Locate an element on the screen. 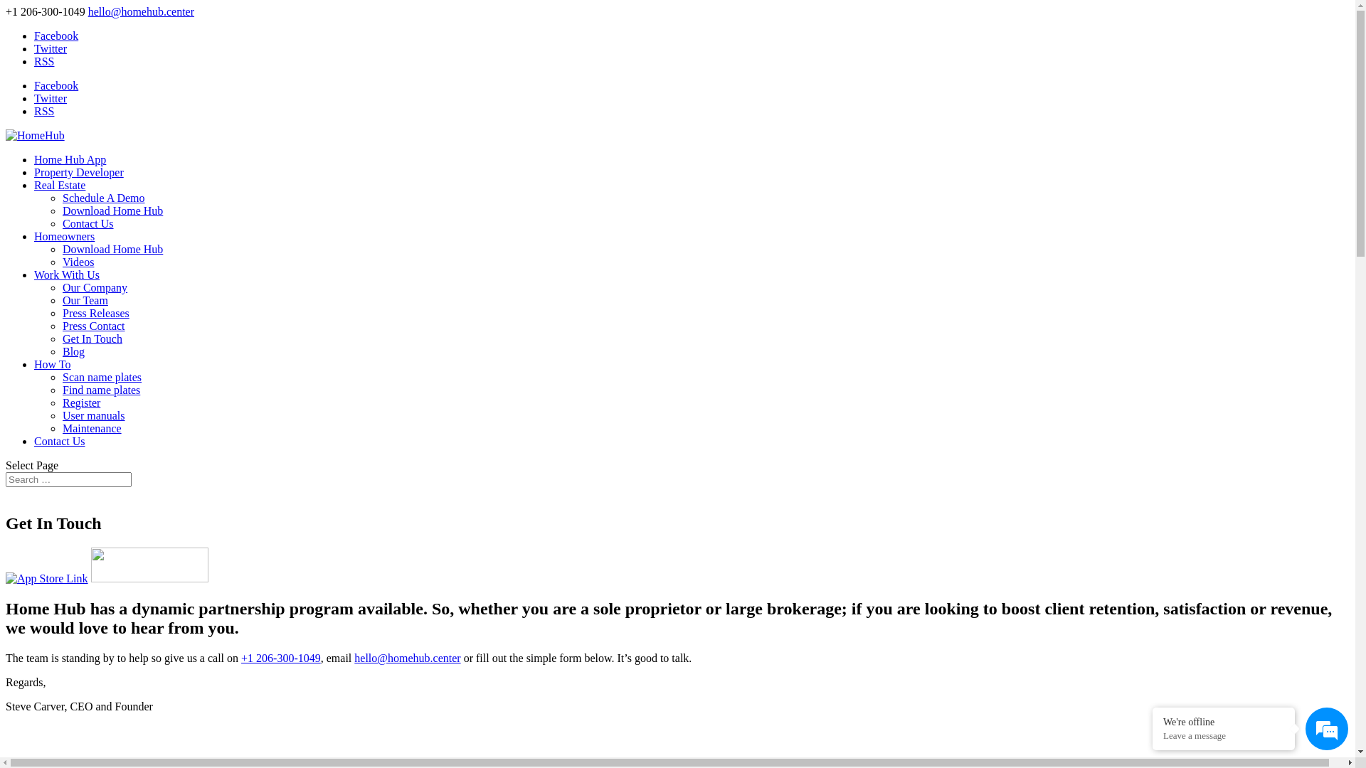 This screenshot has height=768, width=1366. 'Home Hub App' is located at coordinates (69, 159).